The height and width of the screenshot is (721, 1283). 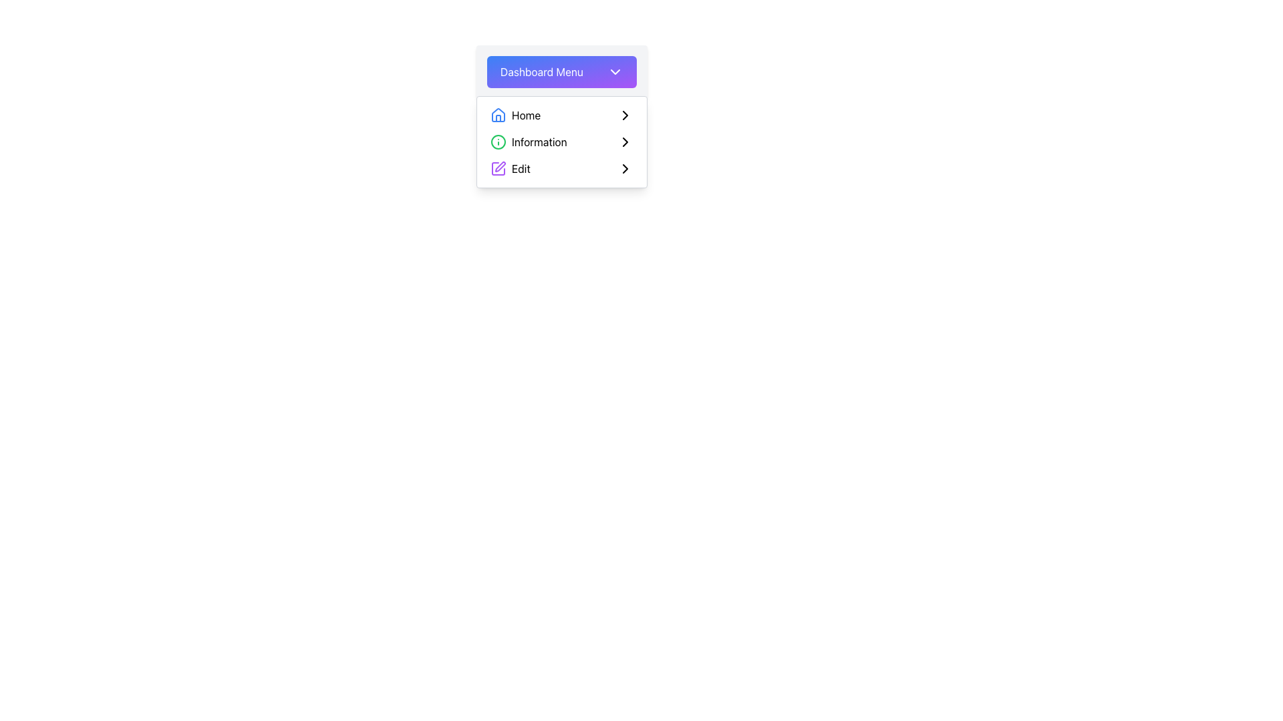 I want to click on the edit icon located to the left of the 'Edit' text label in the dropdown menu, so click(x=497, y=168).